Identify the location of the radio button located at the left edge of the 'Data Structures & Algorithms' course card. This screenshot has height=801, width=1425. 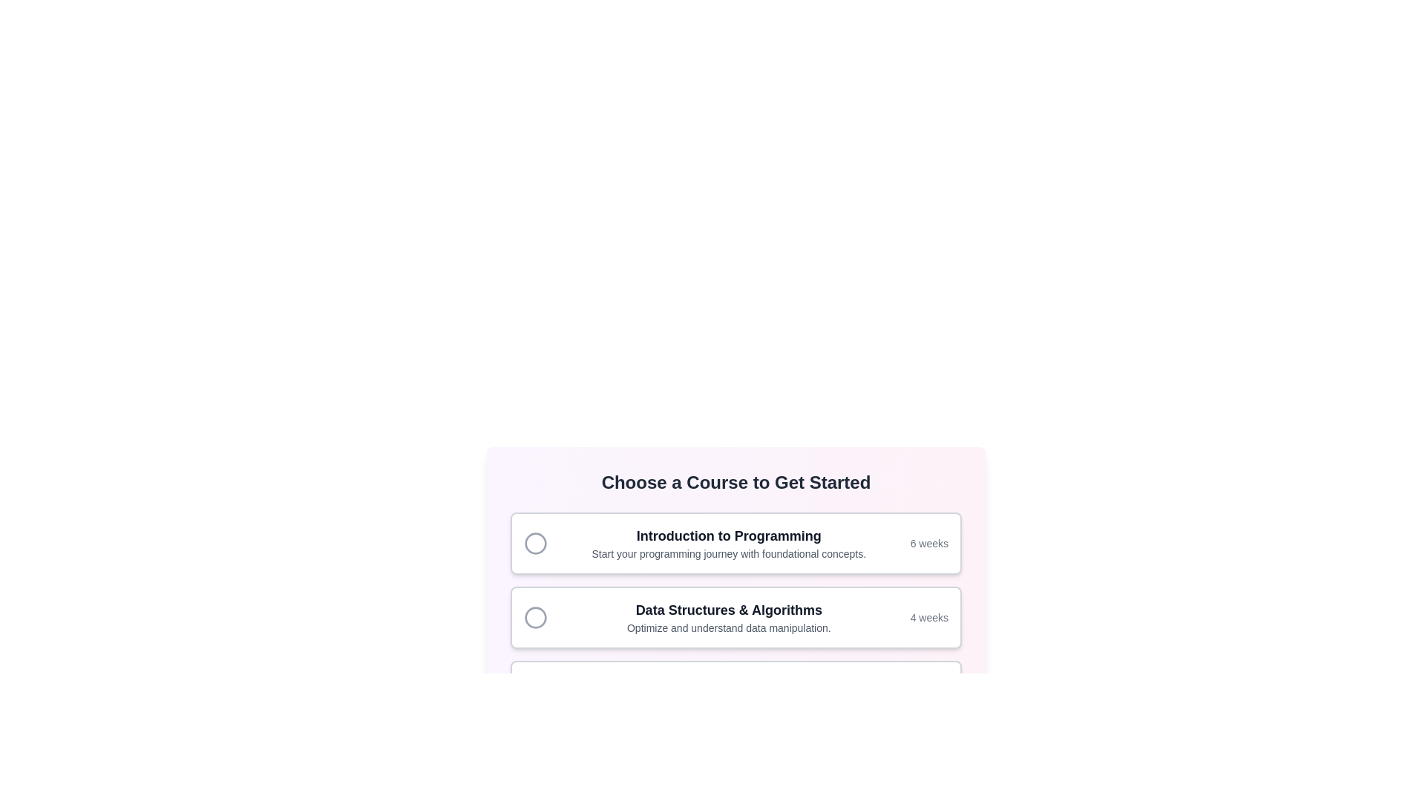
(534, 618).